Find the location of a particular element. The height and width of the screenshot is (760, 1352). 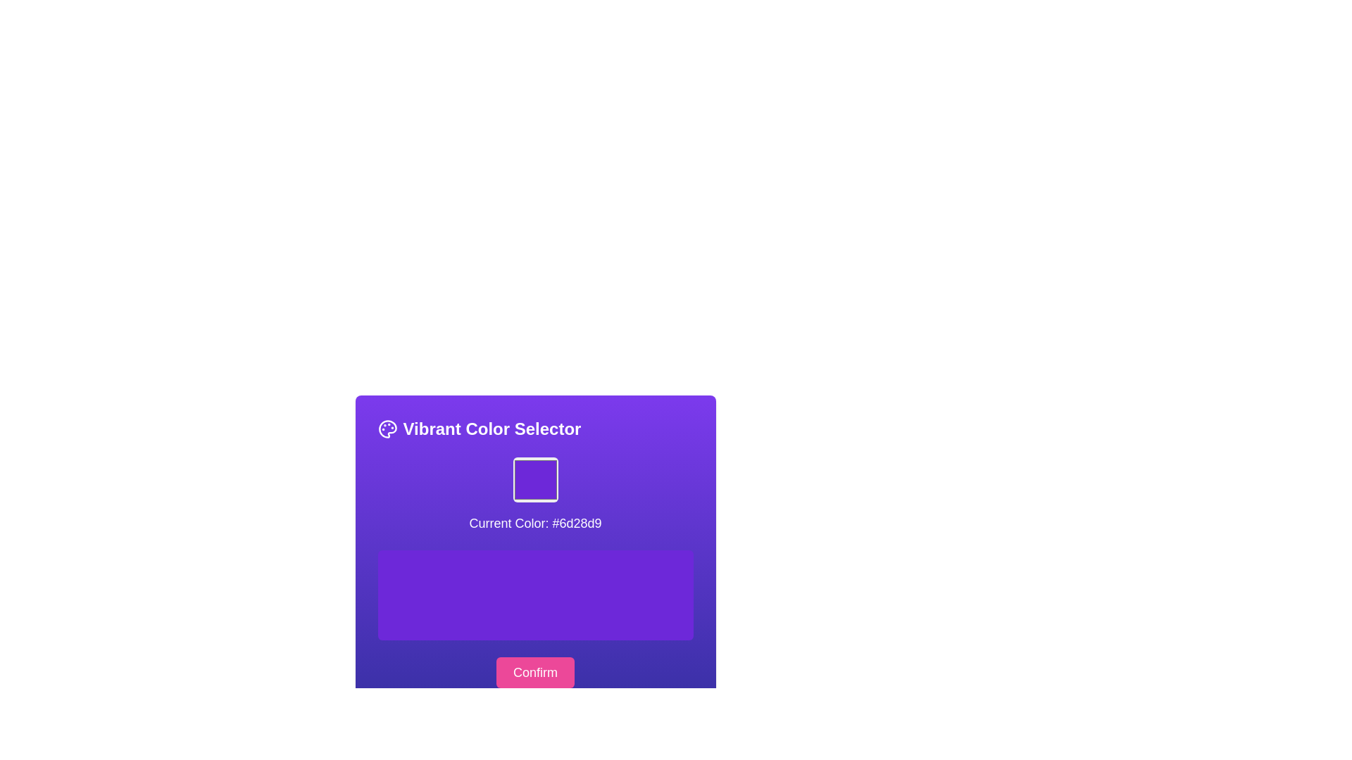

the Text Label that indicates the currently selected color, which is centrally located beneath the square color preview area and above the larger purple rectangular area is located at coordinates (534, 524).